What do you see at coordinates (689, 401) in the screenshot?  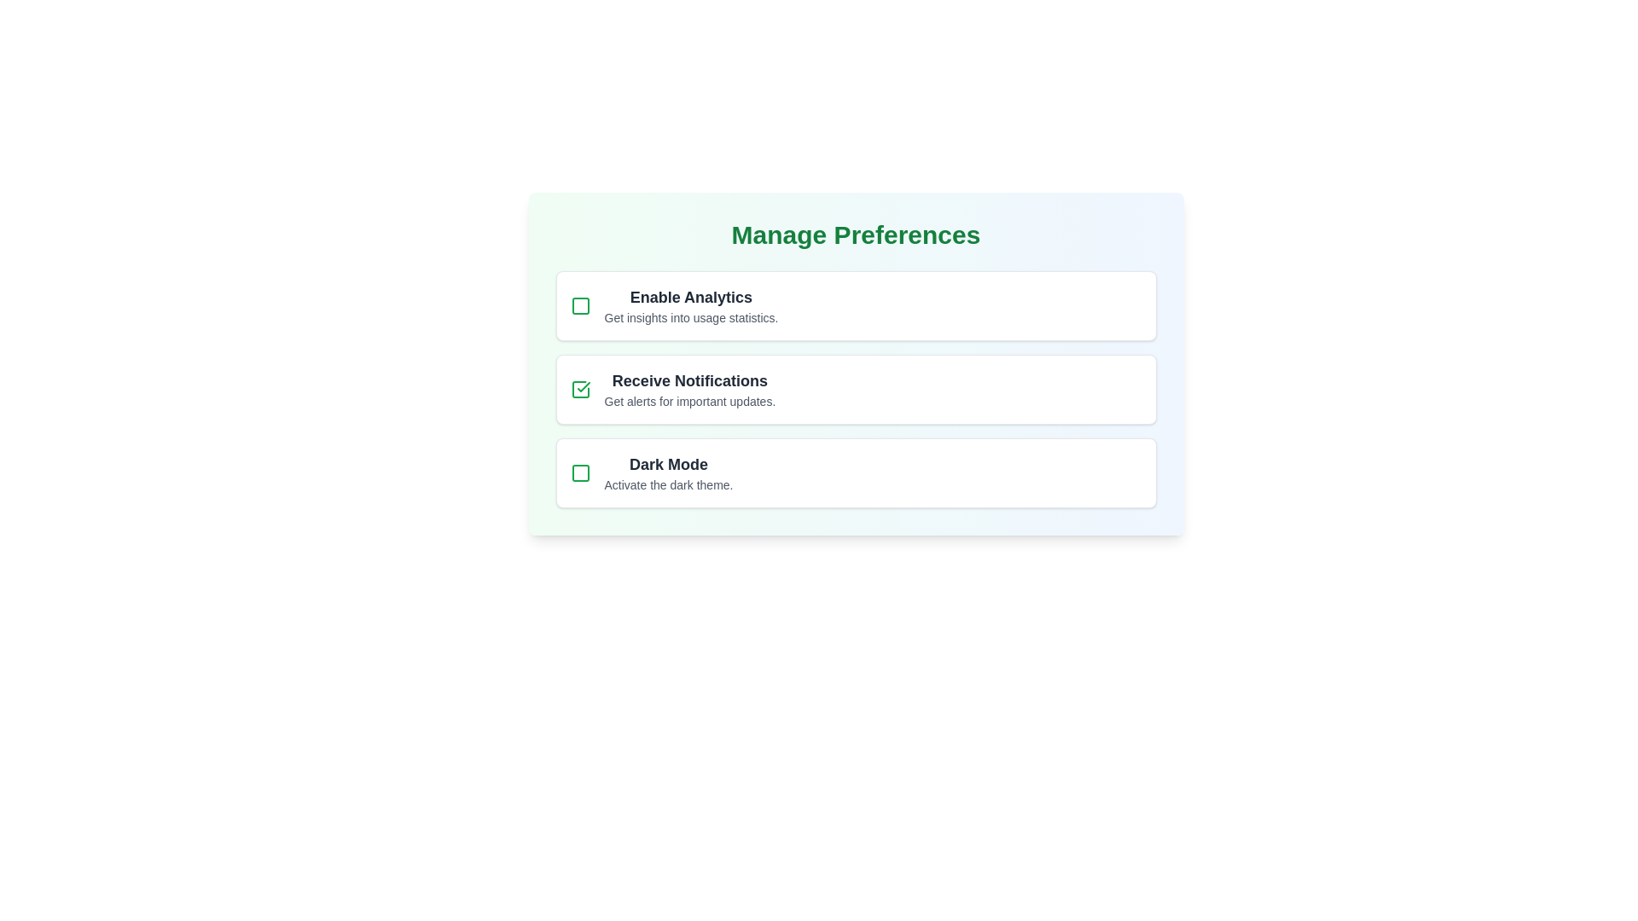 I see `description text that says 'Get alerts for important updates.' which is located below the bold title 'Receive Notifications' in the settings interface` at bounding box center [689, 401].